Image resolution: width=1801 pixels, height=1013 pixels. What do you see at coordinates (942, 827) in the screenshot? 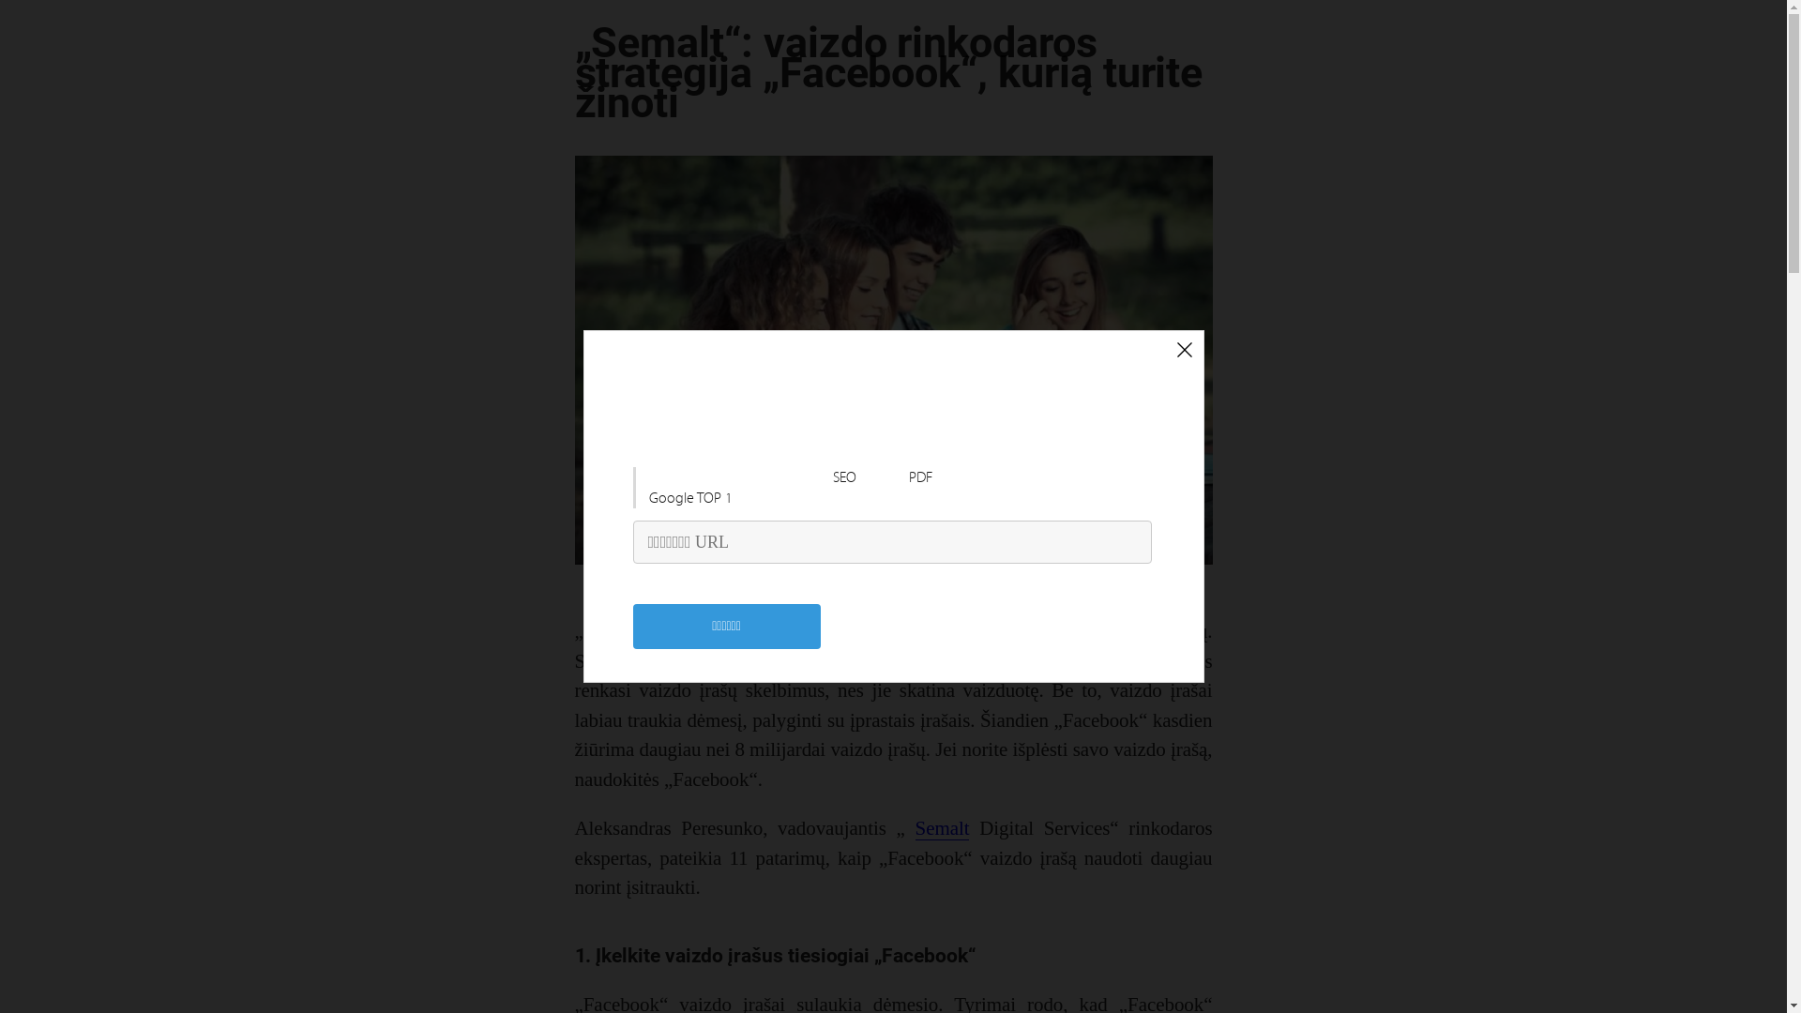
I see `'Semalt'` at bounding box center [942, 827].